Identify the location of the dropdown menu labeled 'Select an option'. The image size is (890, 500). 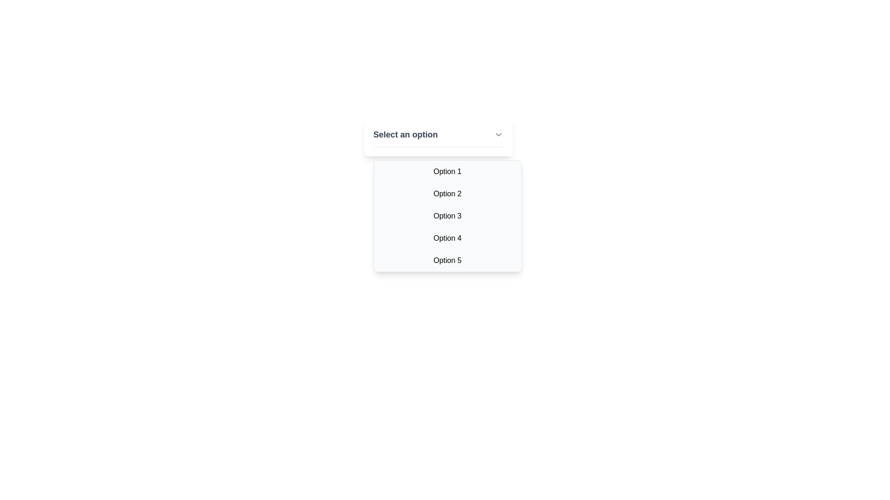
(438, 137).